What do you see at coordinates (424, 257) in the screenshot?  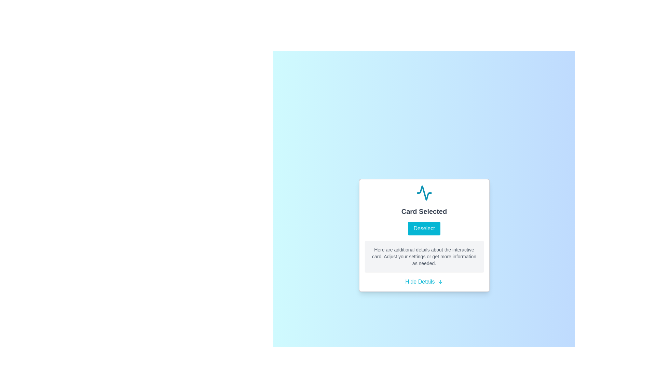 I see `the Informational Text Box, which is a rectangular box with a light gray background, located beneath the 'Deselect' button and above the 'Hide Details' link` at bounding box center [424, 257].